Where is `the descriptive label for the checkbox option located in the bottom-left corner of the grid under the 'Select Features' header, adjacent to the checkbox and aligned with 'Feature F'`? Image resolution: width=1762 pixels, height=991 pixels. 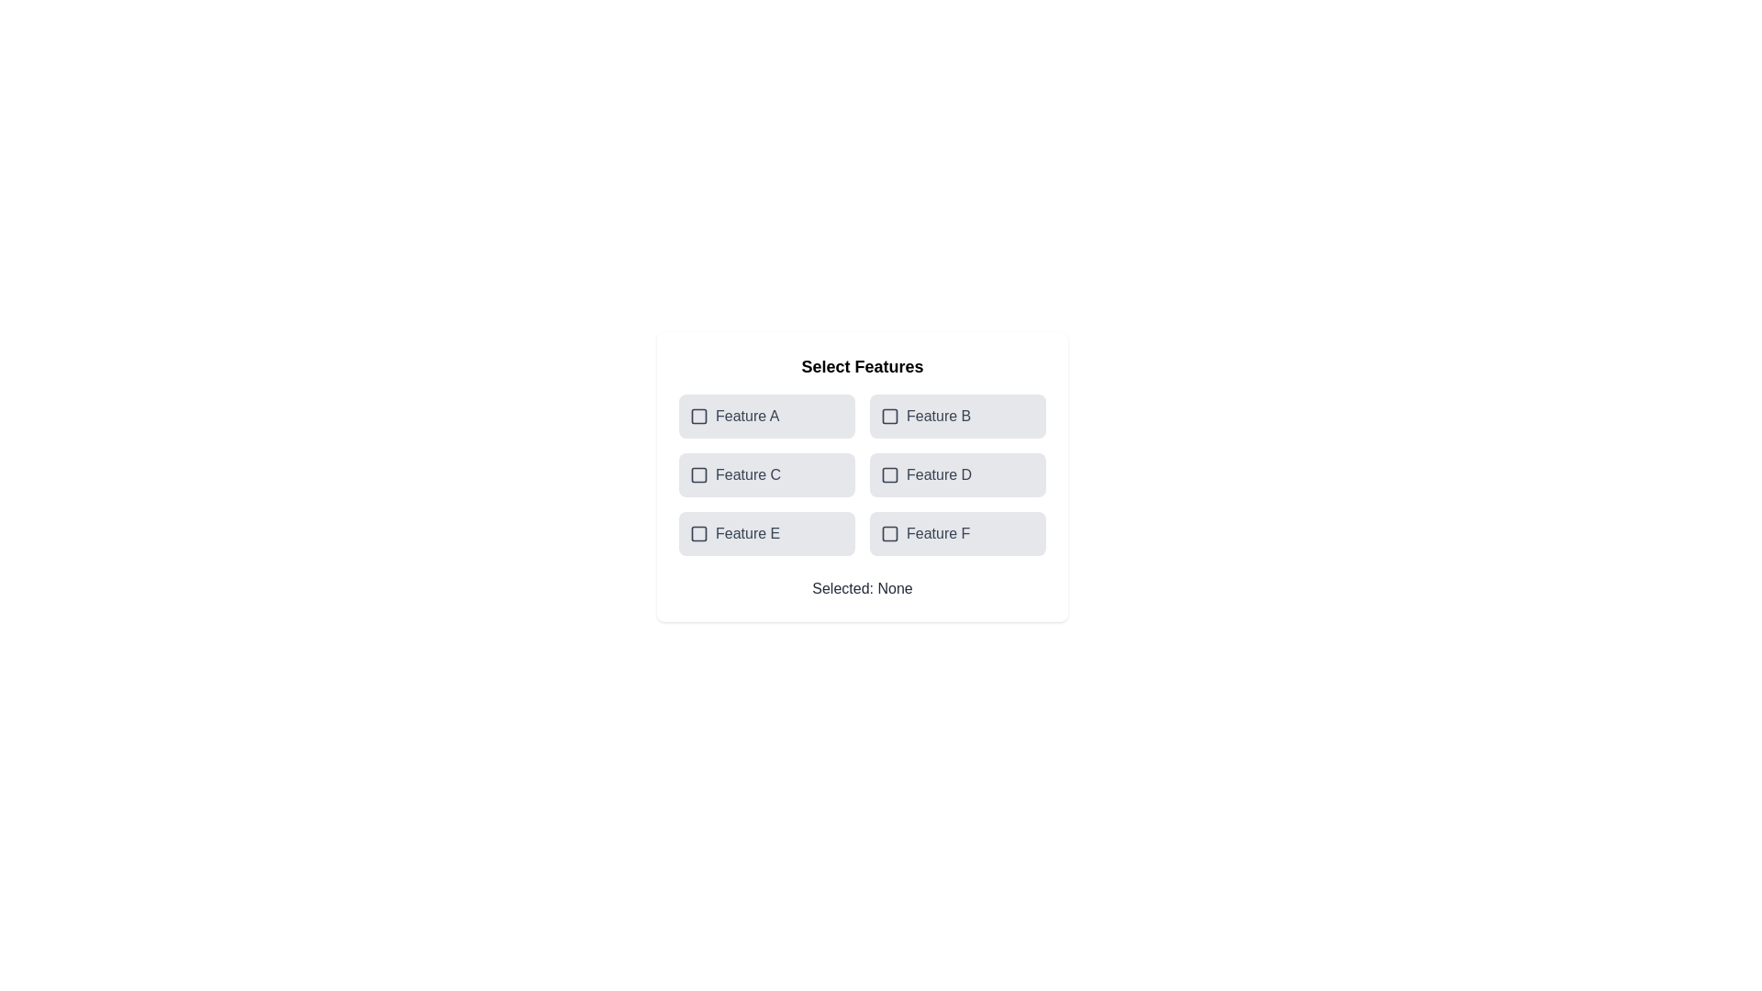
the descriptive label for the checkbox option located in the bottom-left corner of the grid under the 'Select Features' header, adjacent to the checkbox and aligned with 'Feature F' is located at coordinates (748, 534).